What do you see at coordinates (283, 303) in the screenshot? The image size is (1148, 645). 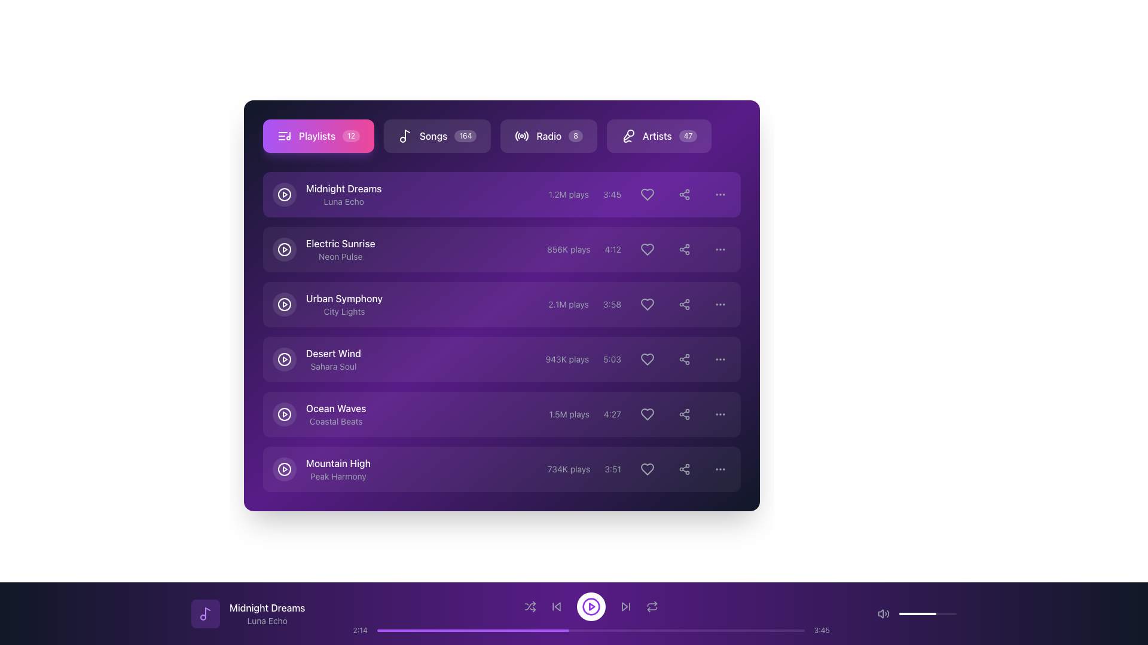 I see `the circular play button with a white fill and faint translucent purple background, located to the left of the track labeled 'Urban Symphony by City Lights', which is in the third position in the list of buttons` at bounding box center [283, 303].